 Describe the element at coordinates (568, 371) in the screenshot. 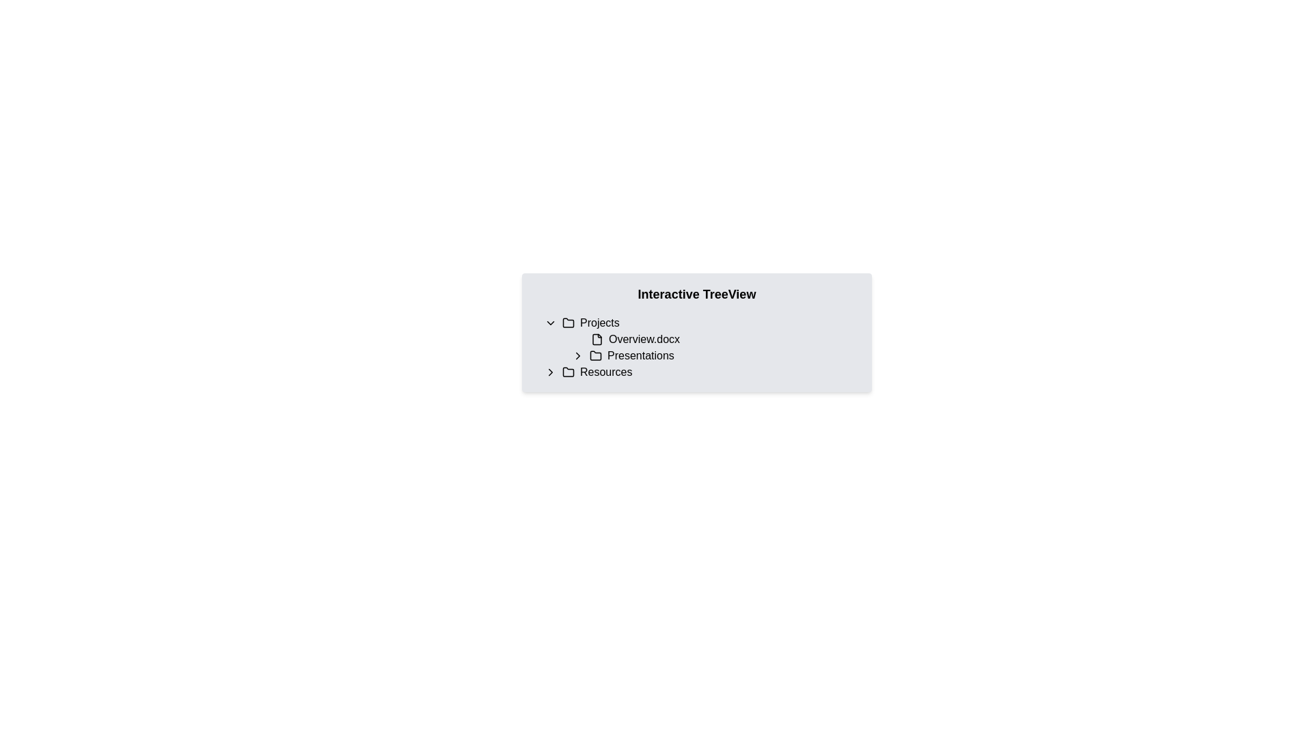

I see `the expandable folder icon representing the 'Resources' category in the Interactive TreeView` at that location.